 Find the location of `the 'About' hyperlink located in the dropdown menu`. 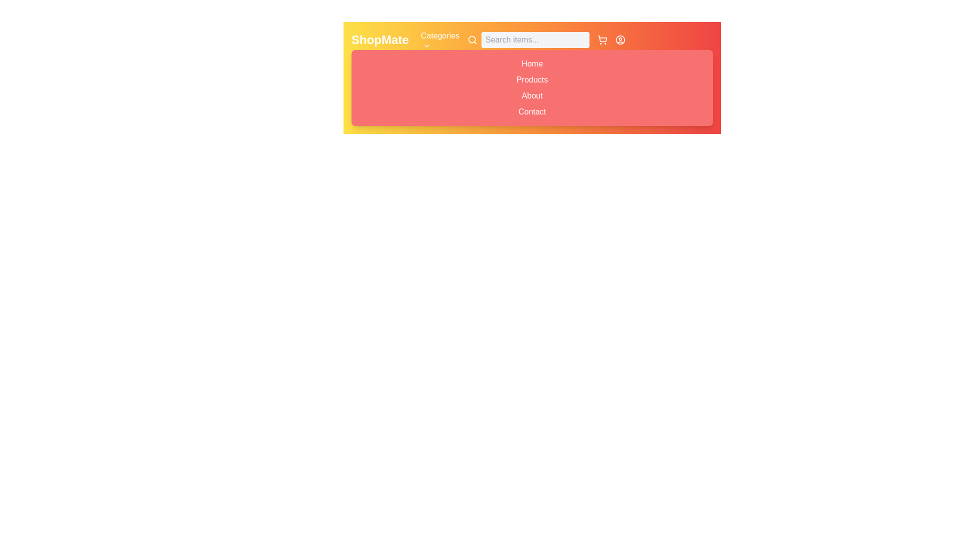

the 'About' hyperlink located in the dropdown menu is located at coordinates (531, 95).